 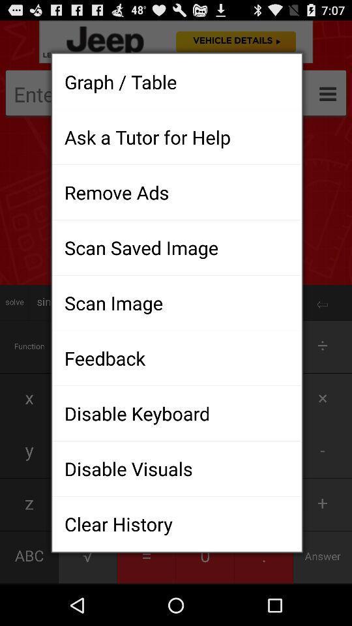 I want to click on the label icon, so click(x=13, y=14).